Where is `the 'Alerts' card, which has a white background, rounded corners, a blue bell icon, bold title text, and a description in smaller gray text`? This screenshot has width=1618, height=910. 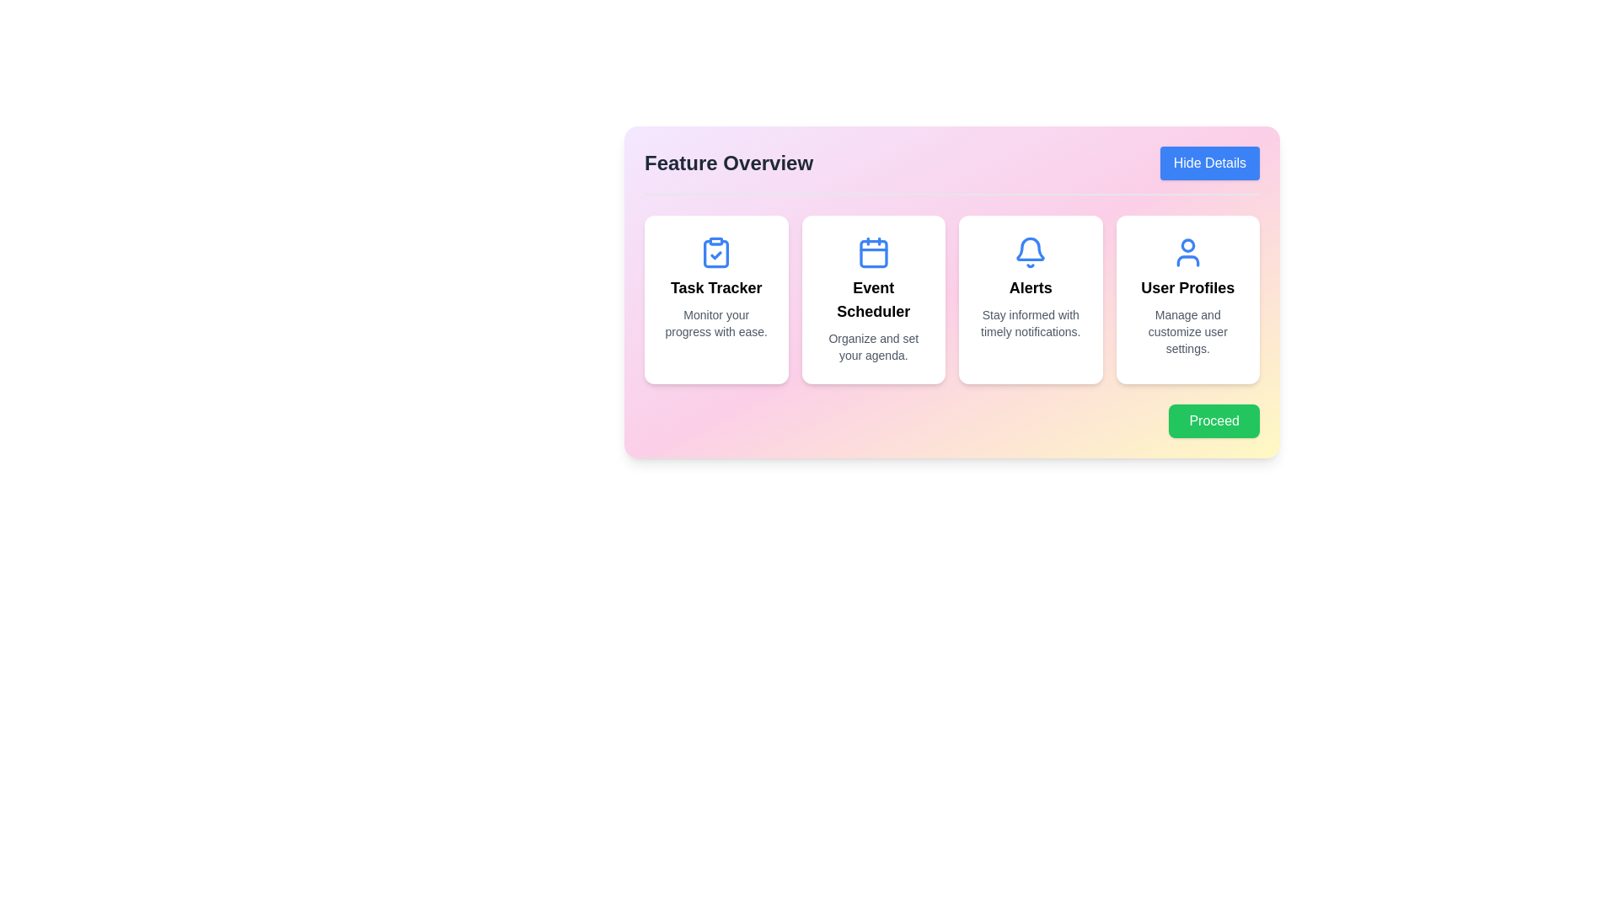
the 'Alerts' card, which has a white background, rounded corners, a blue bell icon, bold title text, and a description in smaller gray text is located at coordinates (1030, 298).